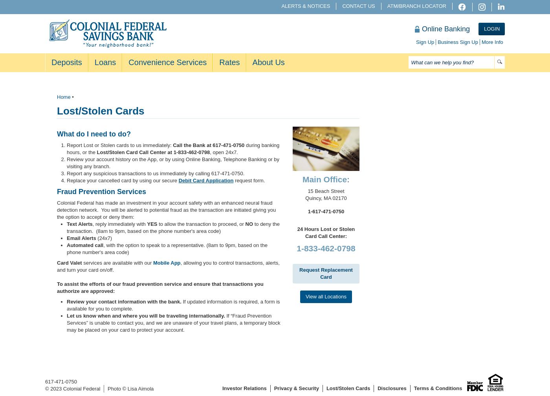 The width and height of the screenshot is (550, 396). I want to click on 'services are available with our', so click(117, 262).